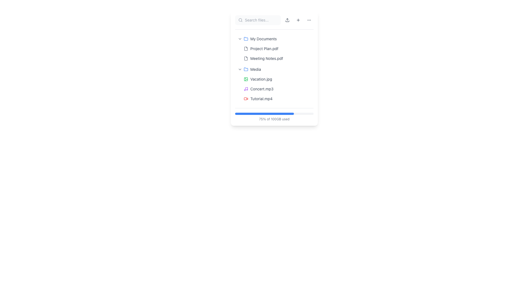 The height and width of the screenshot is (294, 523). I want to click on the label identifying the folder named 'My Documents', which is positioned adjacent to a blue folder icon and a chevron icon, so click(263, 38).